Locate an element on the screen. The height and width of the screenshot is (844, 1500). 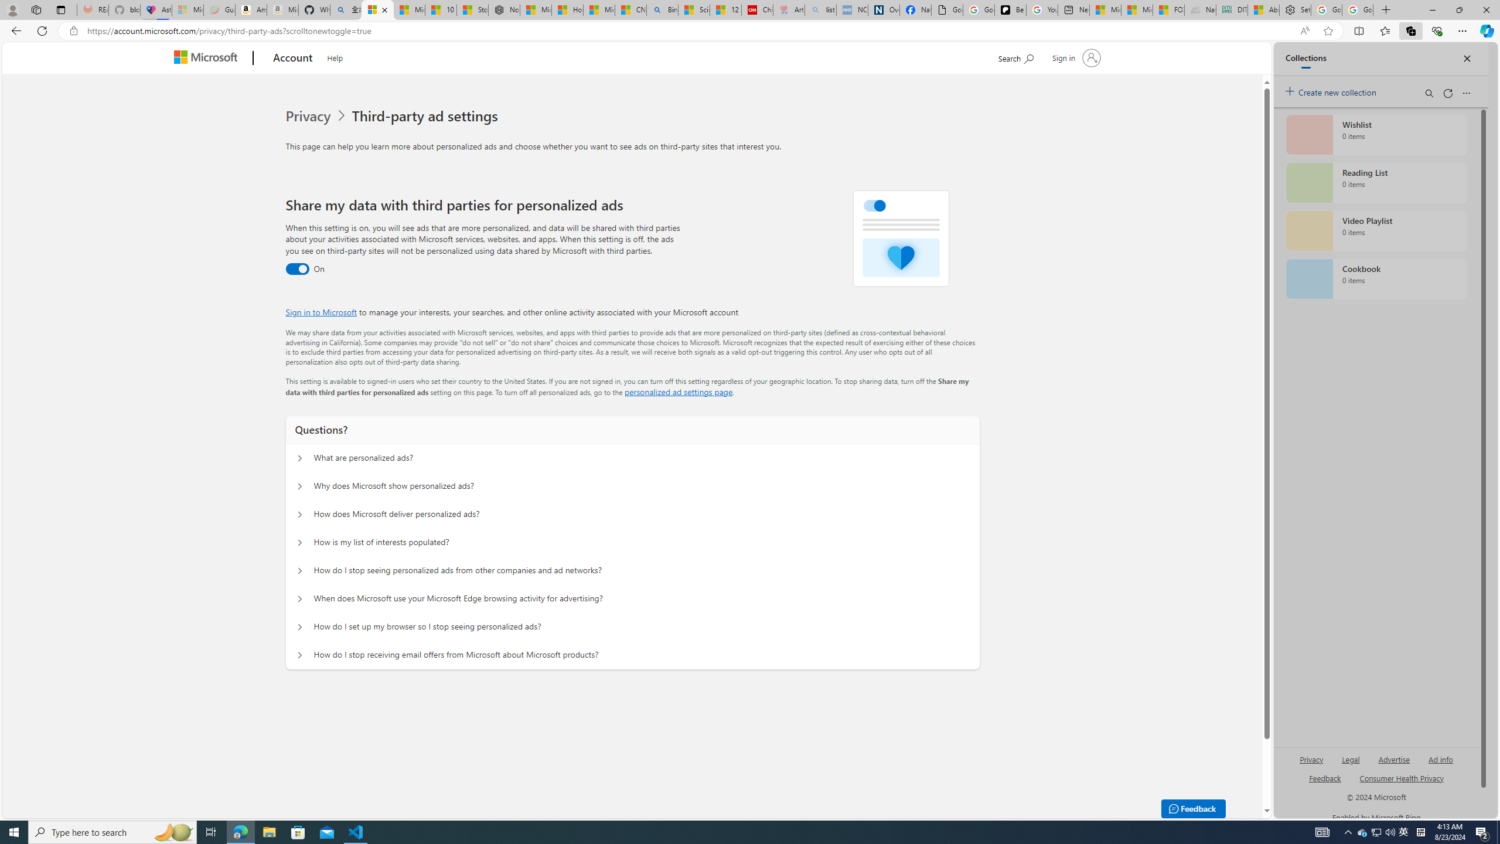
'Back' is located at coordinates (14, 30).